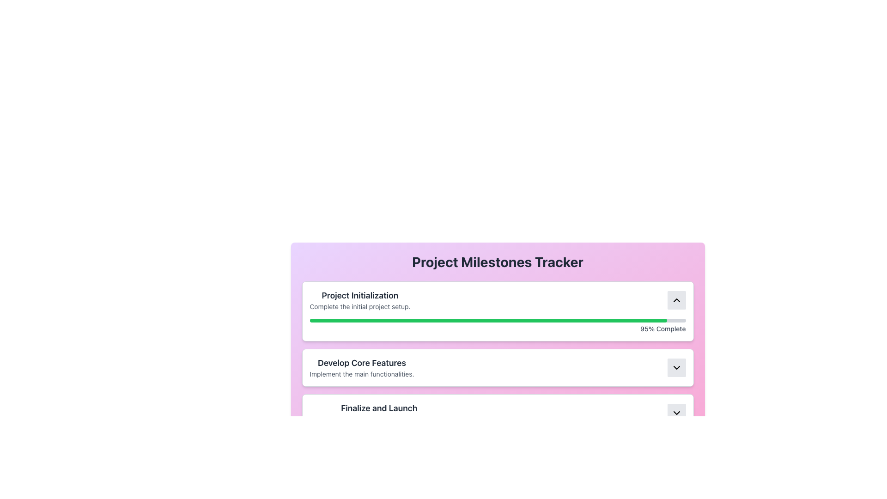  I want to click on the small rectangle button with a light gray background and a downward-facing chevron icon, so click(676, 367).